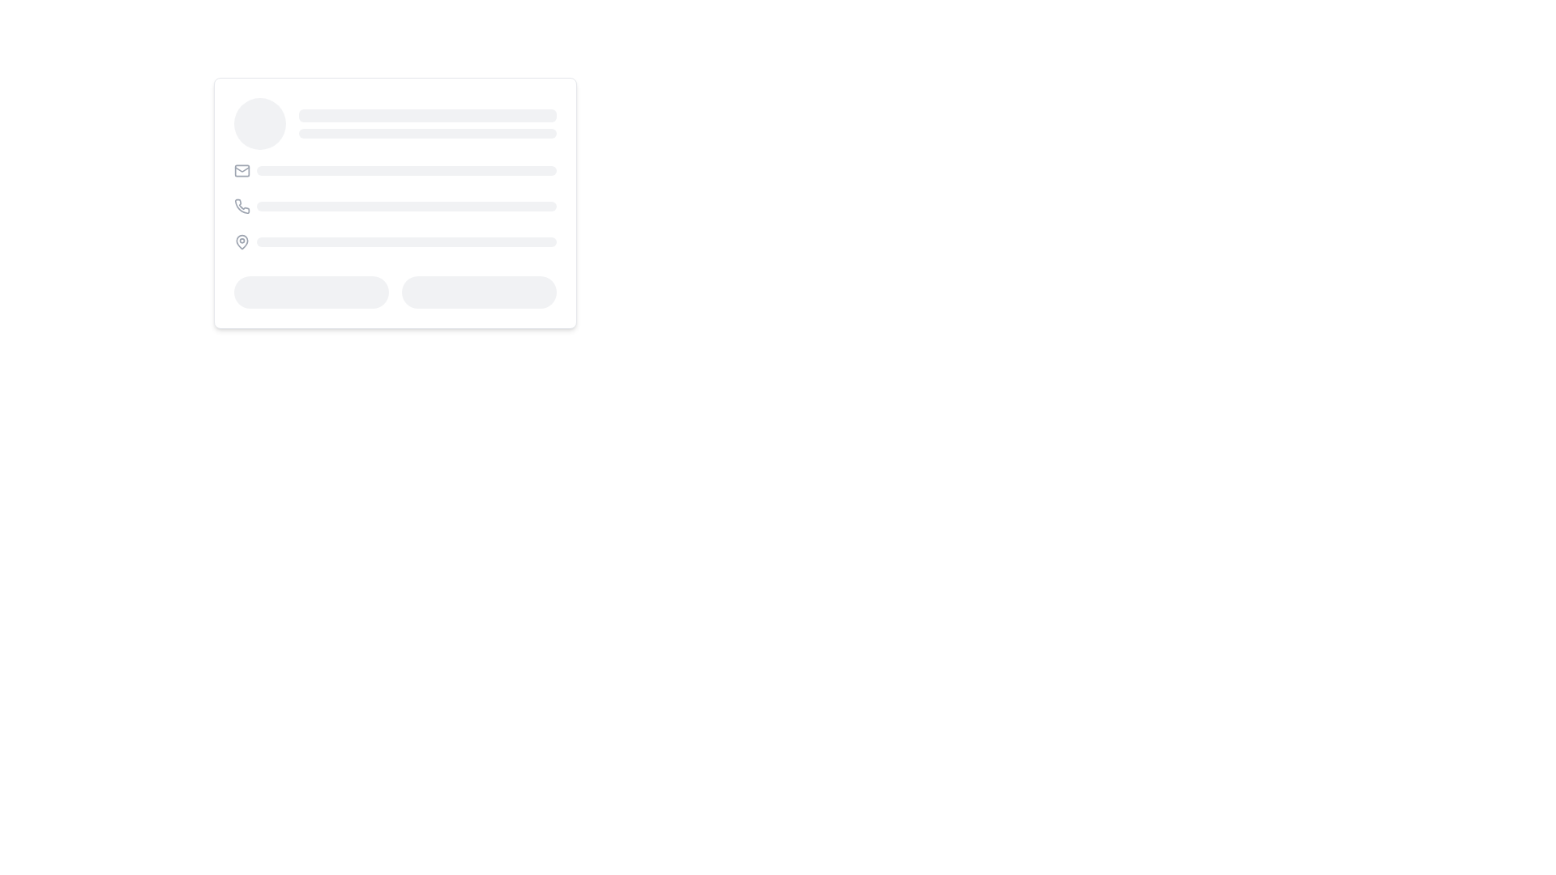  I want to click on email-related placeholder UI component, which is represented by an icon and has a grayed-out appearance, indicating it may be inactive or loading, so click(395, 171).